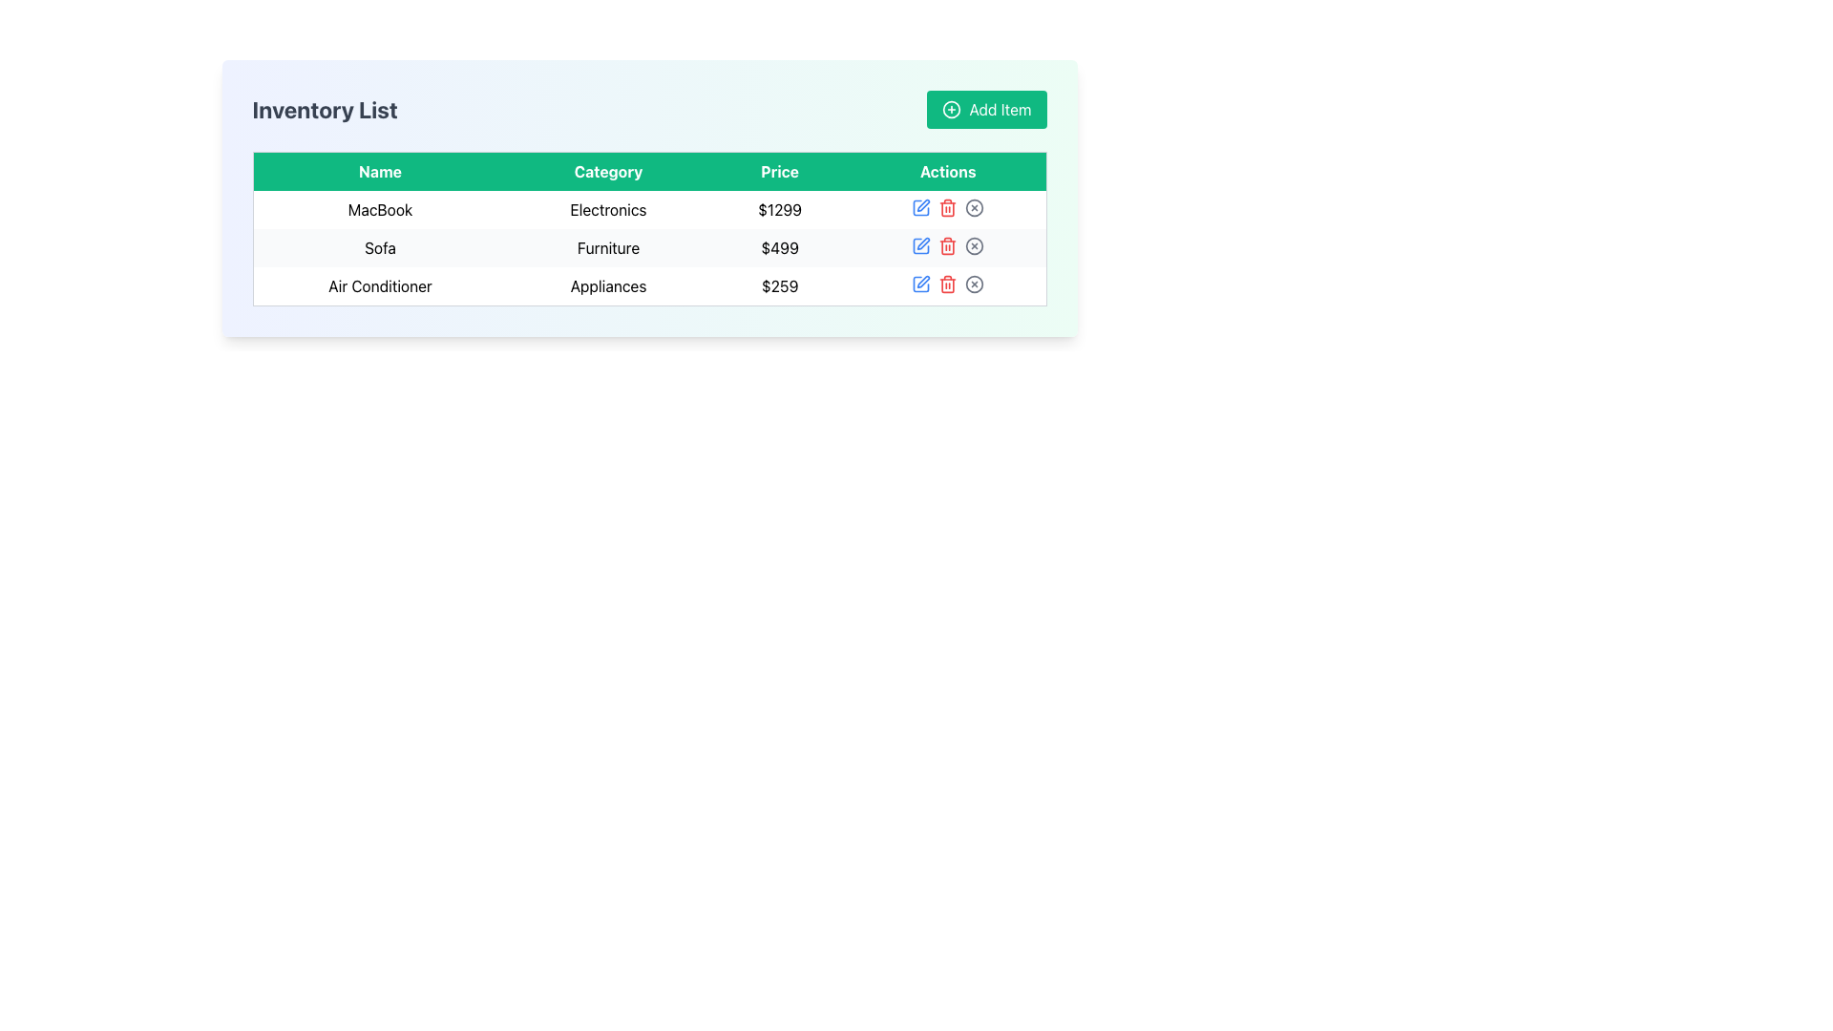  Describe the element at coordinates (780, 246) in the screenshot. I see `the price display of the 'Sofa' product, which is the third column in its table row` at that location.